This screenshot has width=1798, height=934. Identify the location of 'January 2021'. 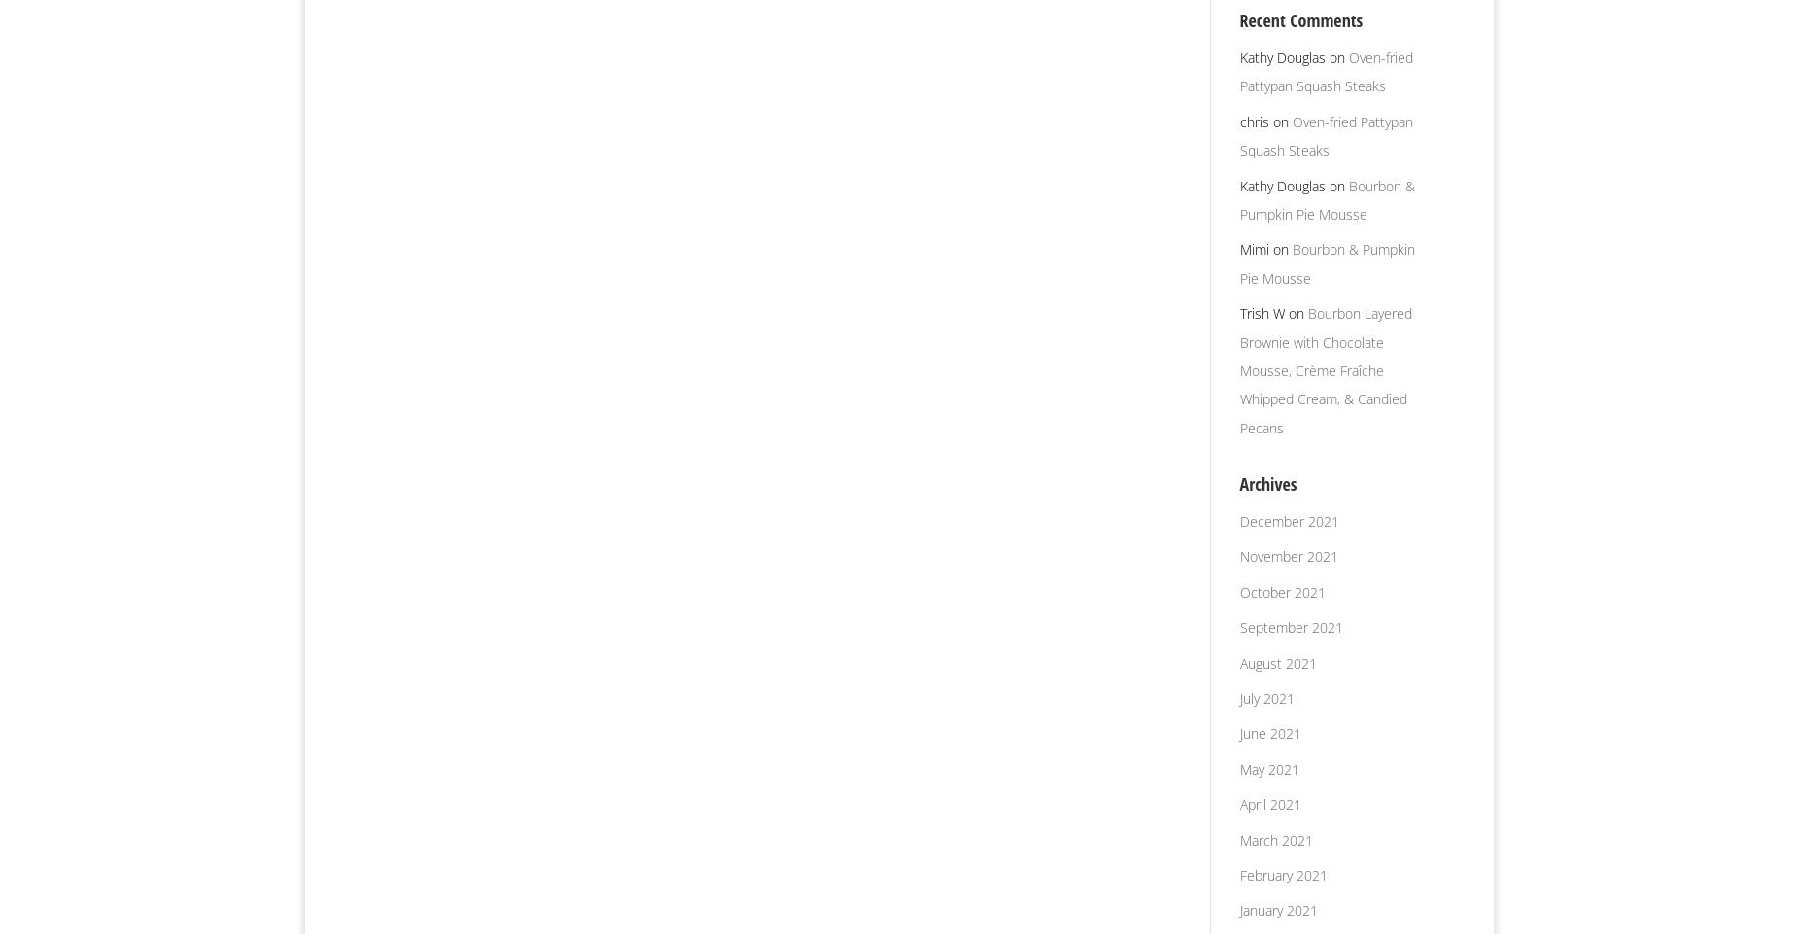
(1276, 910).